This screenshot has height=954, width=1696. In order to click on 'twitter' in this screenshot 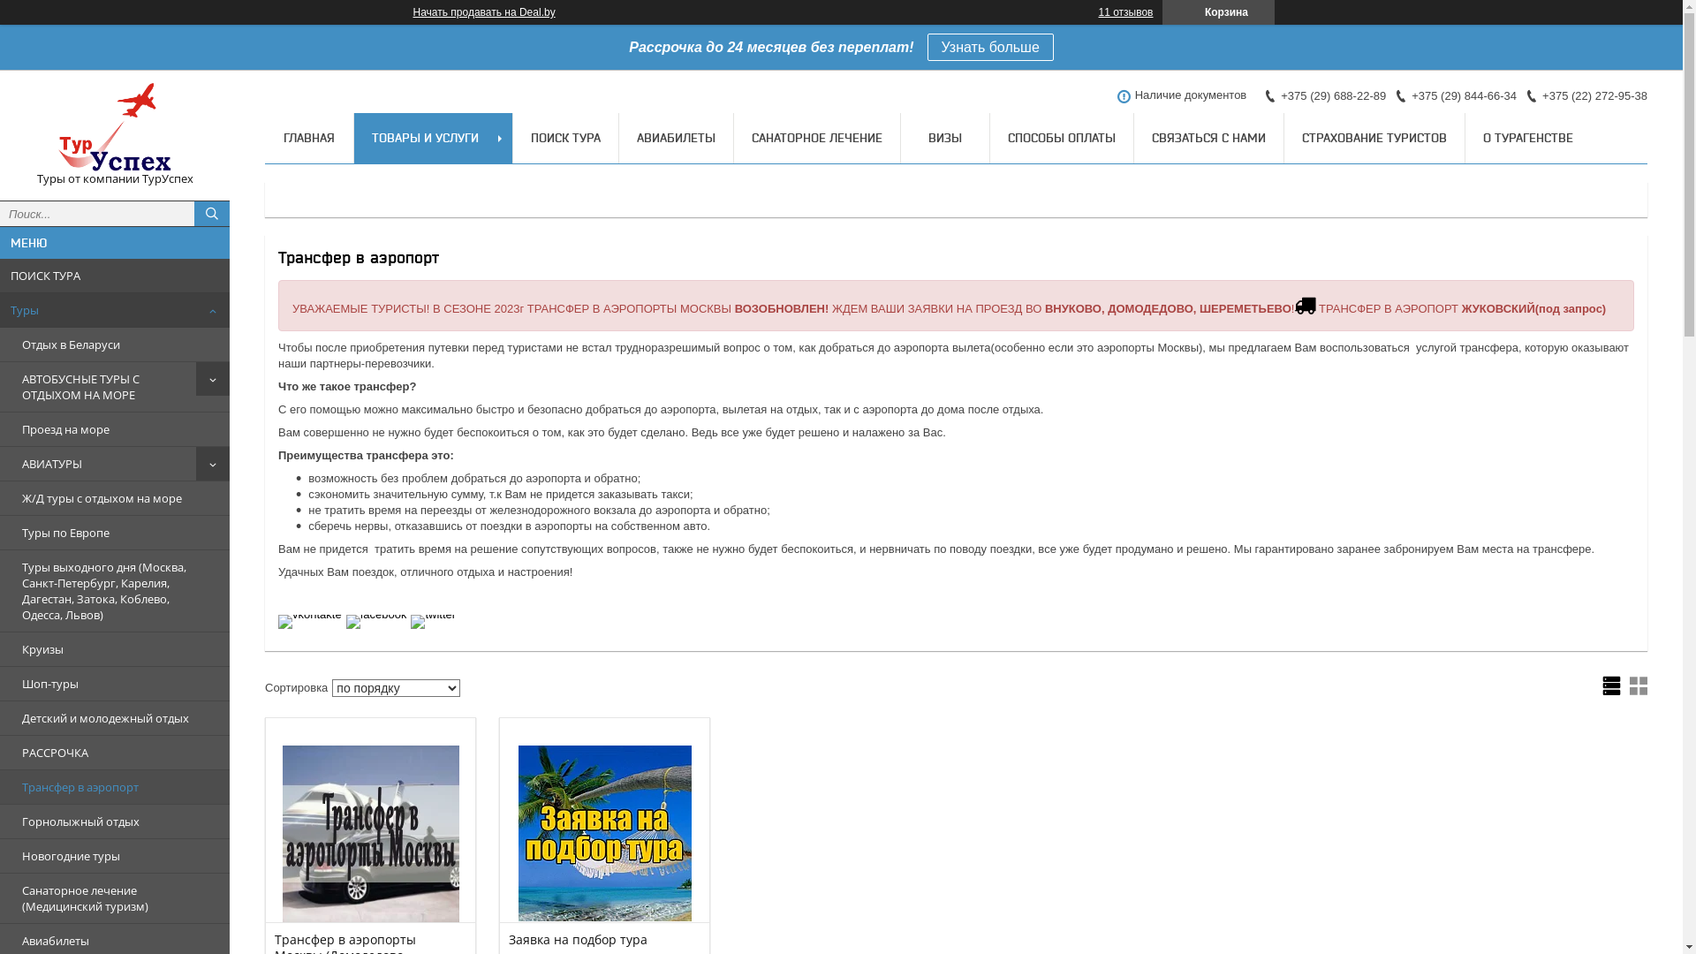, I will do `click(433, 613)`.